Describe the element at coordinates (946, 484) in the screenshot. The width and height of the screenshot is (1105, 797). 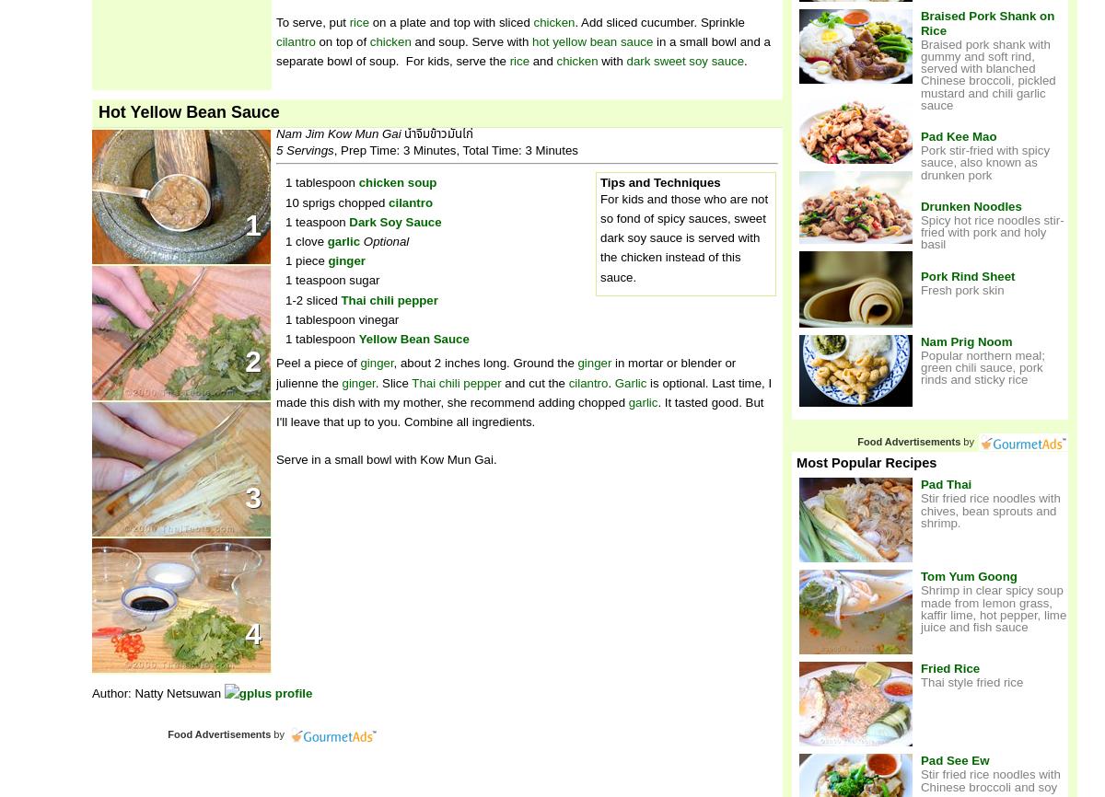
I see `'Pad Thai'` at that location.